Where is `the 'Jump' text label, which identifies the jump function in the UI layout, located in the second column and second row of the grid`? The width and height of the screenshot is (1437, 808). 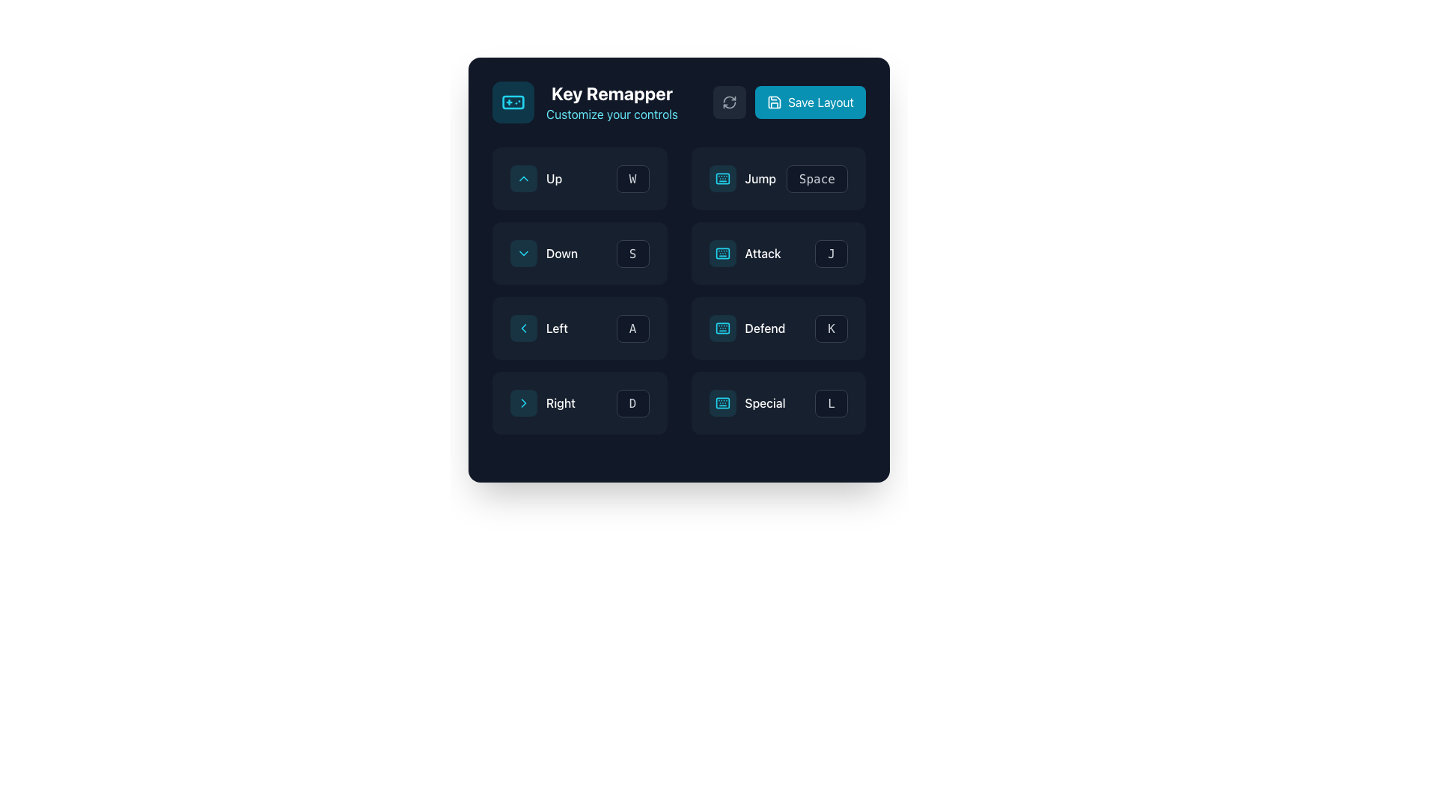
the 'Jump' text label, which identifies the jump function in the UI layout, located in the second column and second row of the grid is located at coordinates (760, 178).